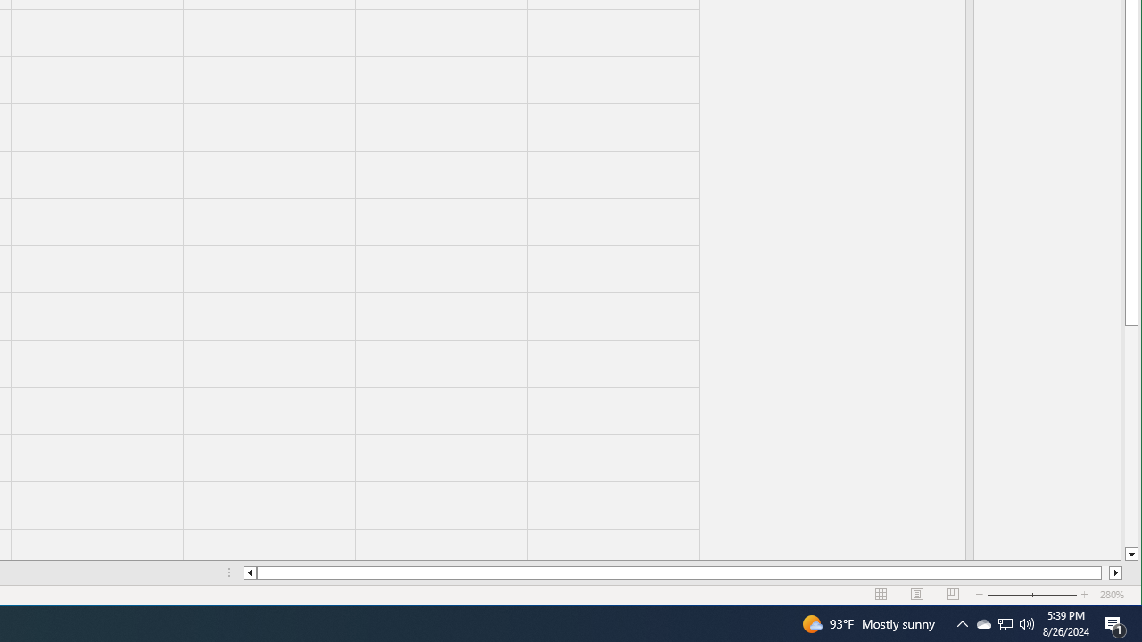 This screenshot has height=642, width=1142. Describe the element at coordinates (1115, 572) in the screenshot. I see `'Zoom In'` at that location.